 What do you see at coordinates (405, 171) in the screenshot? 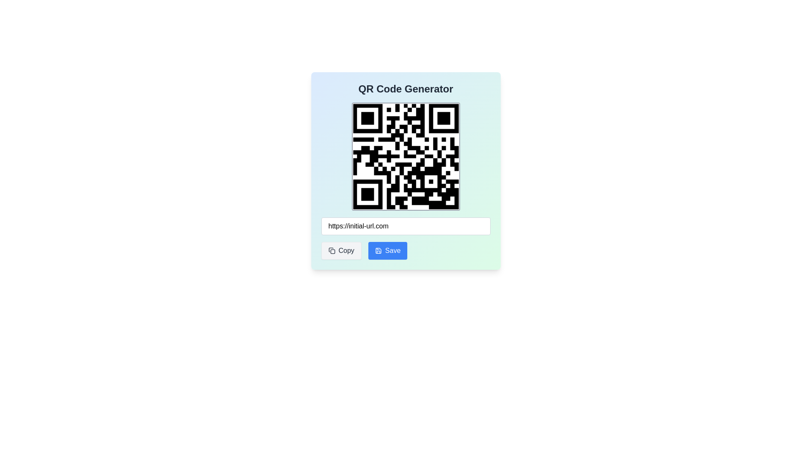
I see `the QR code display area of the QR code generator interface to view or analyze the QR code` at bounding box center [405, 171].